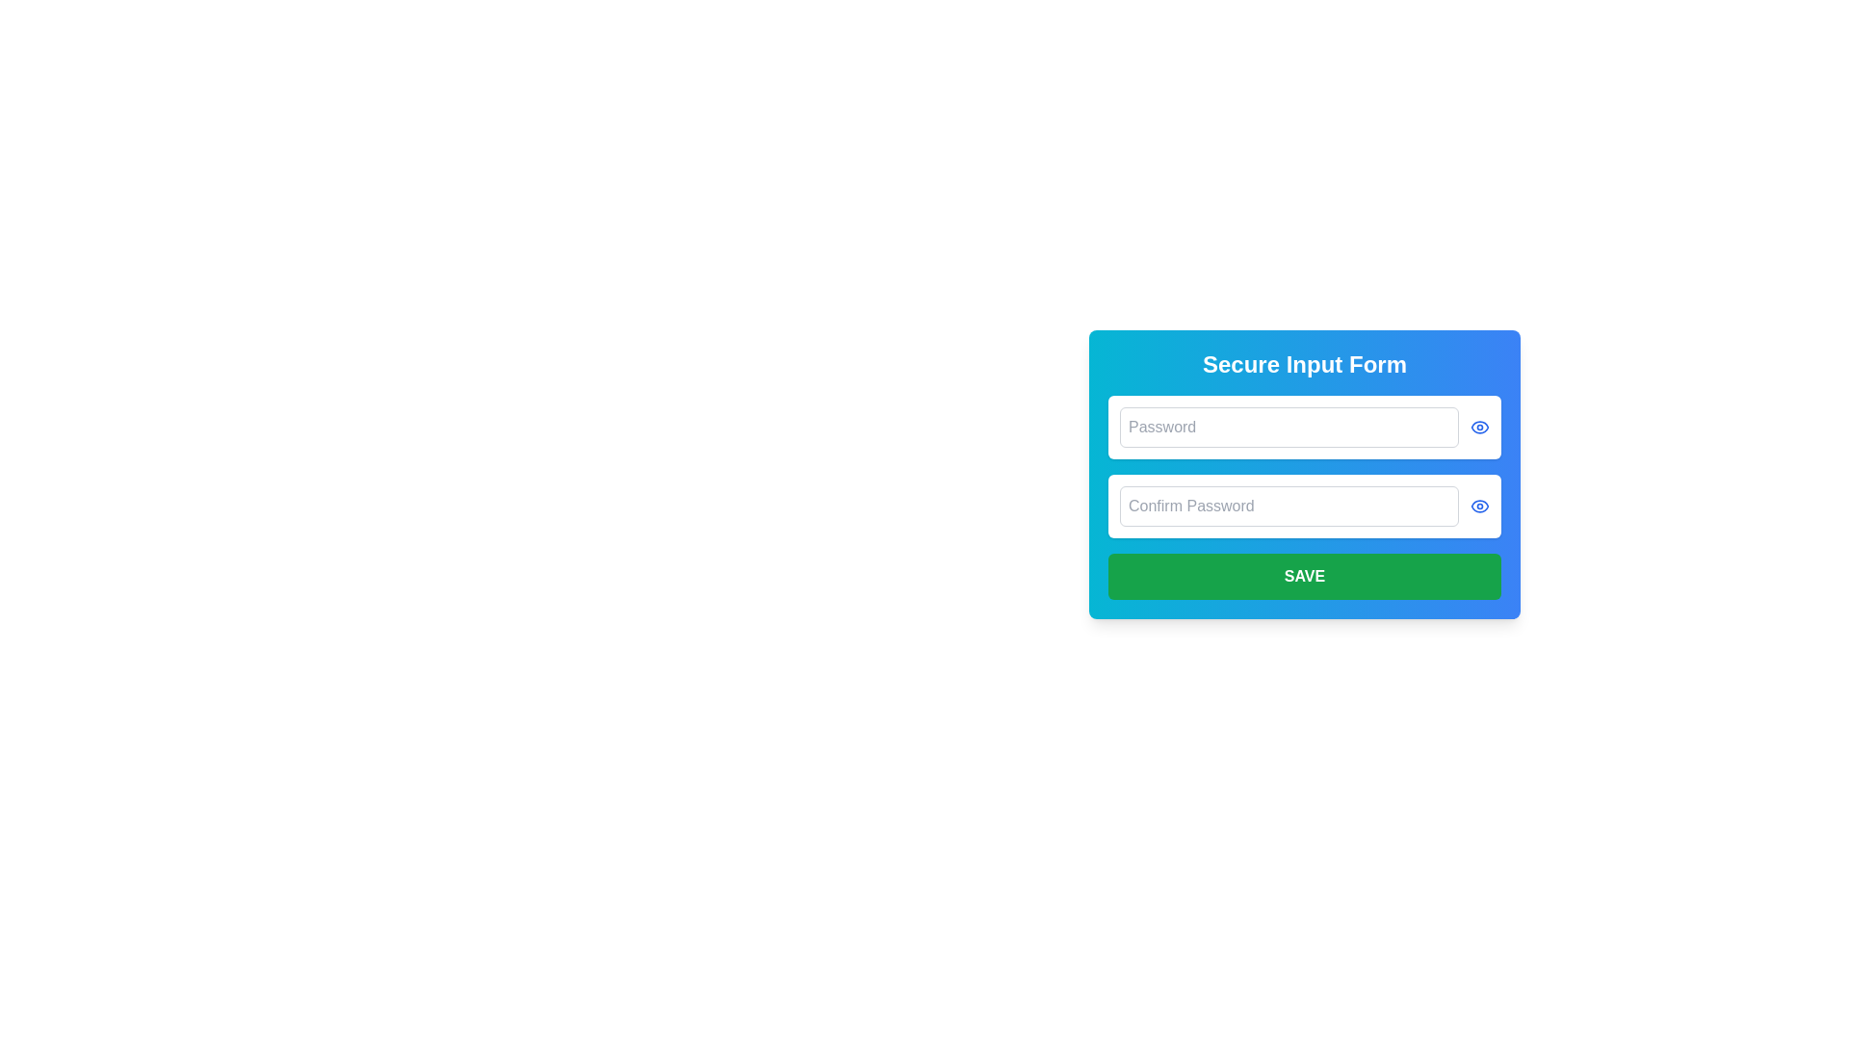 The image size is (1849, 1040). Describe the element at coordinates (1289, 505) in the screenshot. I see `the password confirmation input field to focus it, which is positioned below the 'Password' field and above the 'SAVE' button within a rounded card layout` at that location.